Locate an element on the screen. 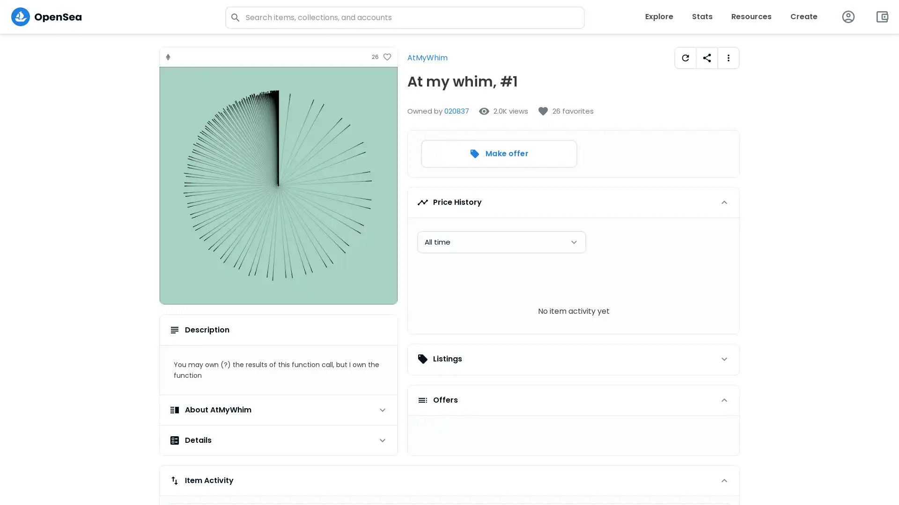 The height and width of the screenshot is (505, 899). Offers is located at coordinates (573, 400).